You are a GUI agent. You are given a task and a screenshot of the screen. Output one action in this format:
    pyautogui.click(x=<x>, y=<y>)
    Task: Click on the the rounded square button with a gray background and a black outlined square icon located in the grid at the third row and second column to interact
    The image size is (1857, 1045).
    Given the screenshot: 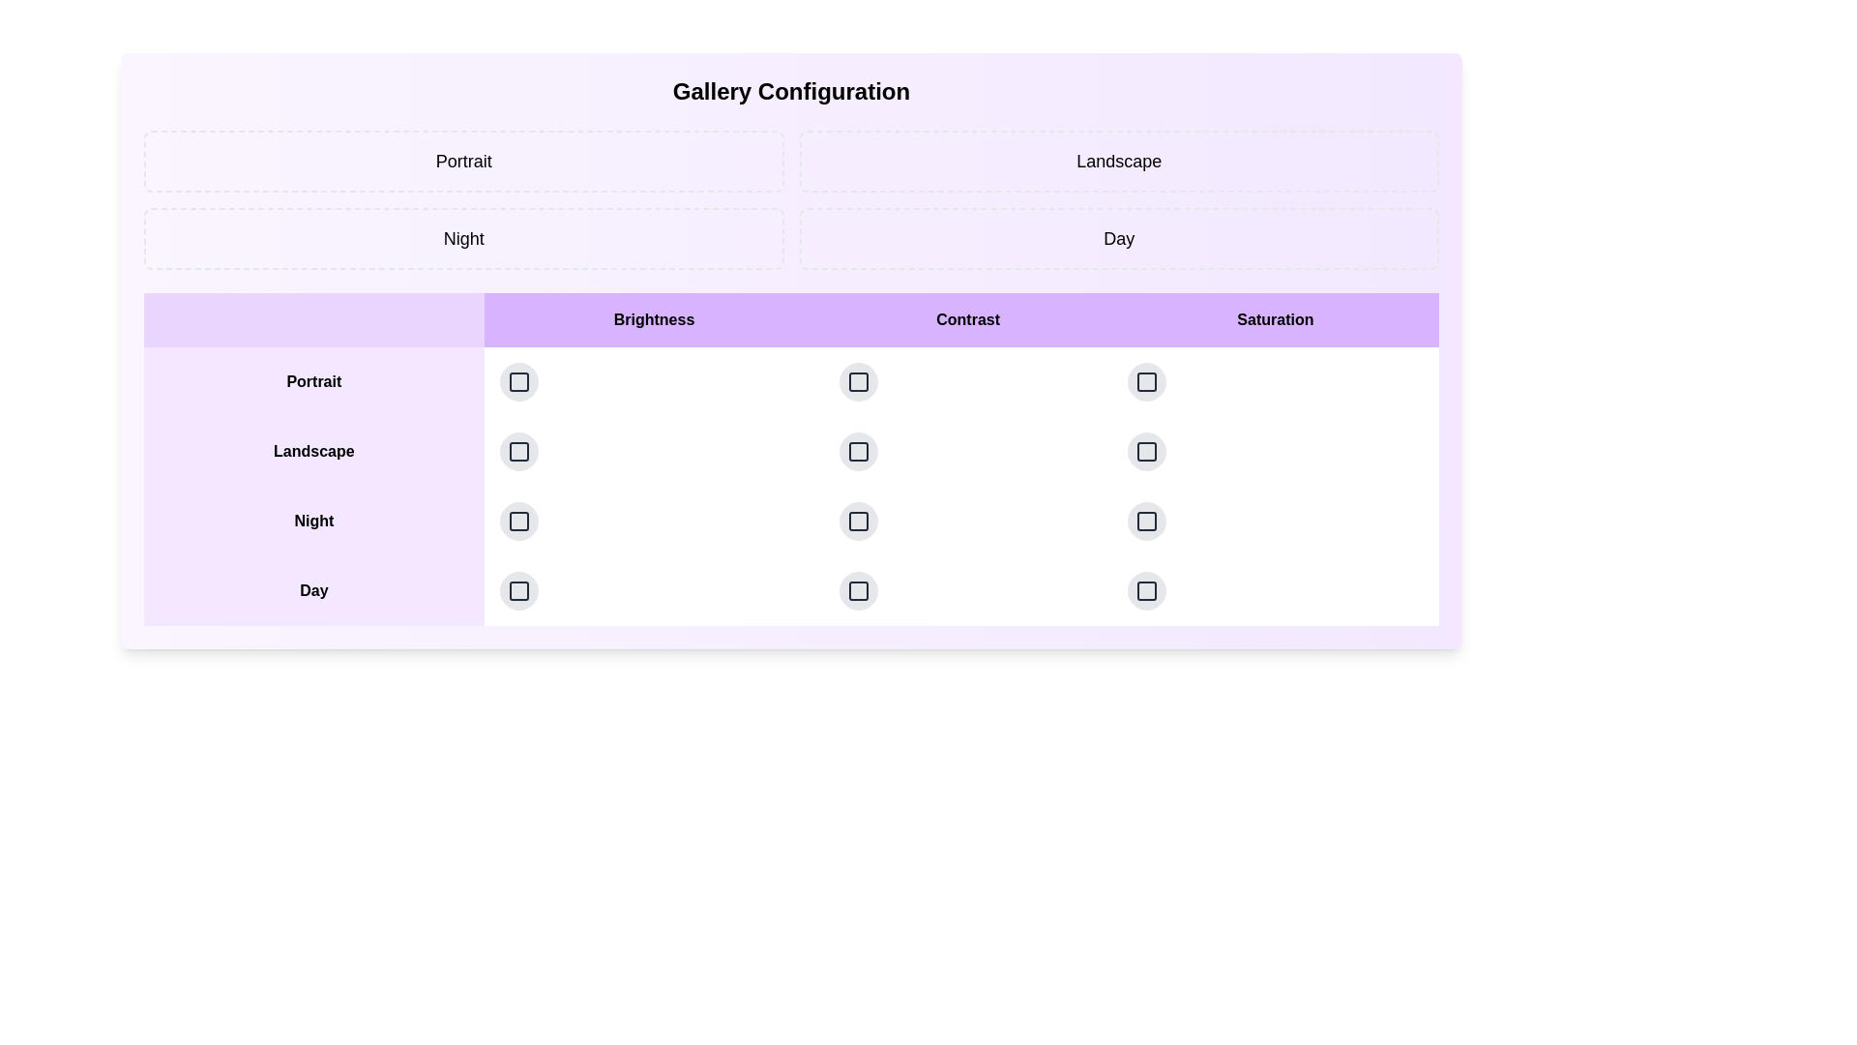 What is the action you would take?
    pyautogui.click(x=858, y=521)
    